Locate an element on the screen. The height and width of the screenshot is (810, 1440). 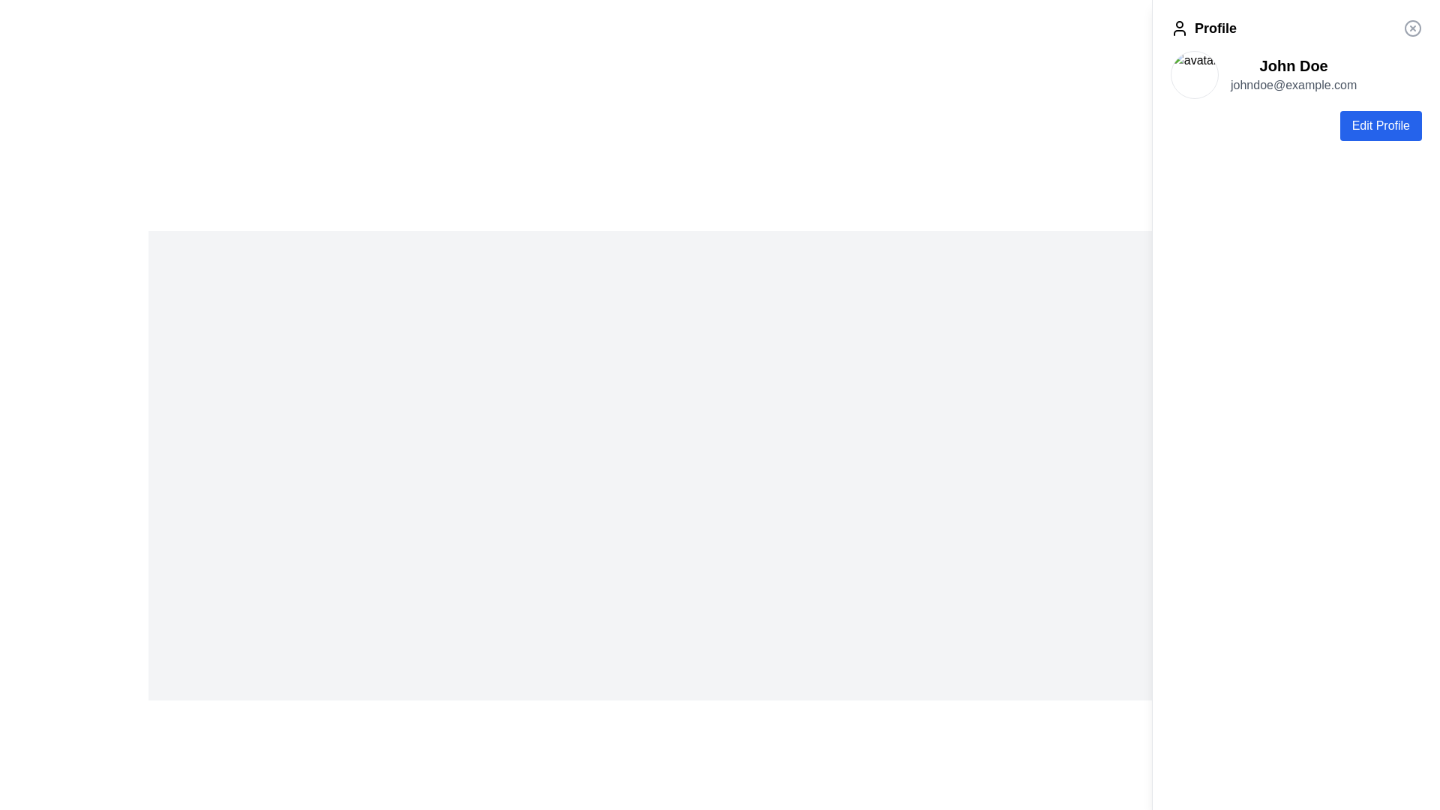
name label element that identifies the user or profile being viewed, located at the top-right corner of the pane above the email address is located at coordinates (1293, 65).